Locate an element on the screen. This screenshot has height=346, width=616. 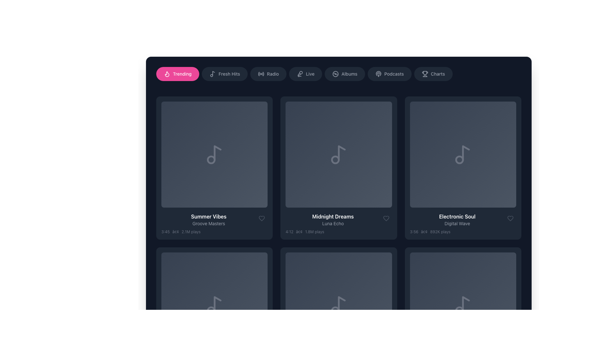
the decorative graphic component is located at coordinates (335, 159).